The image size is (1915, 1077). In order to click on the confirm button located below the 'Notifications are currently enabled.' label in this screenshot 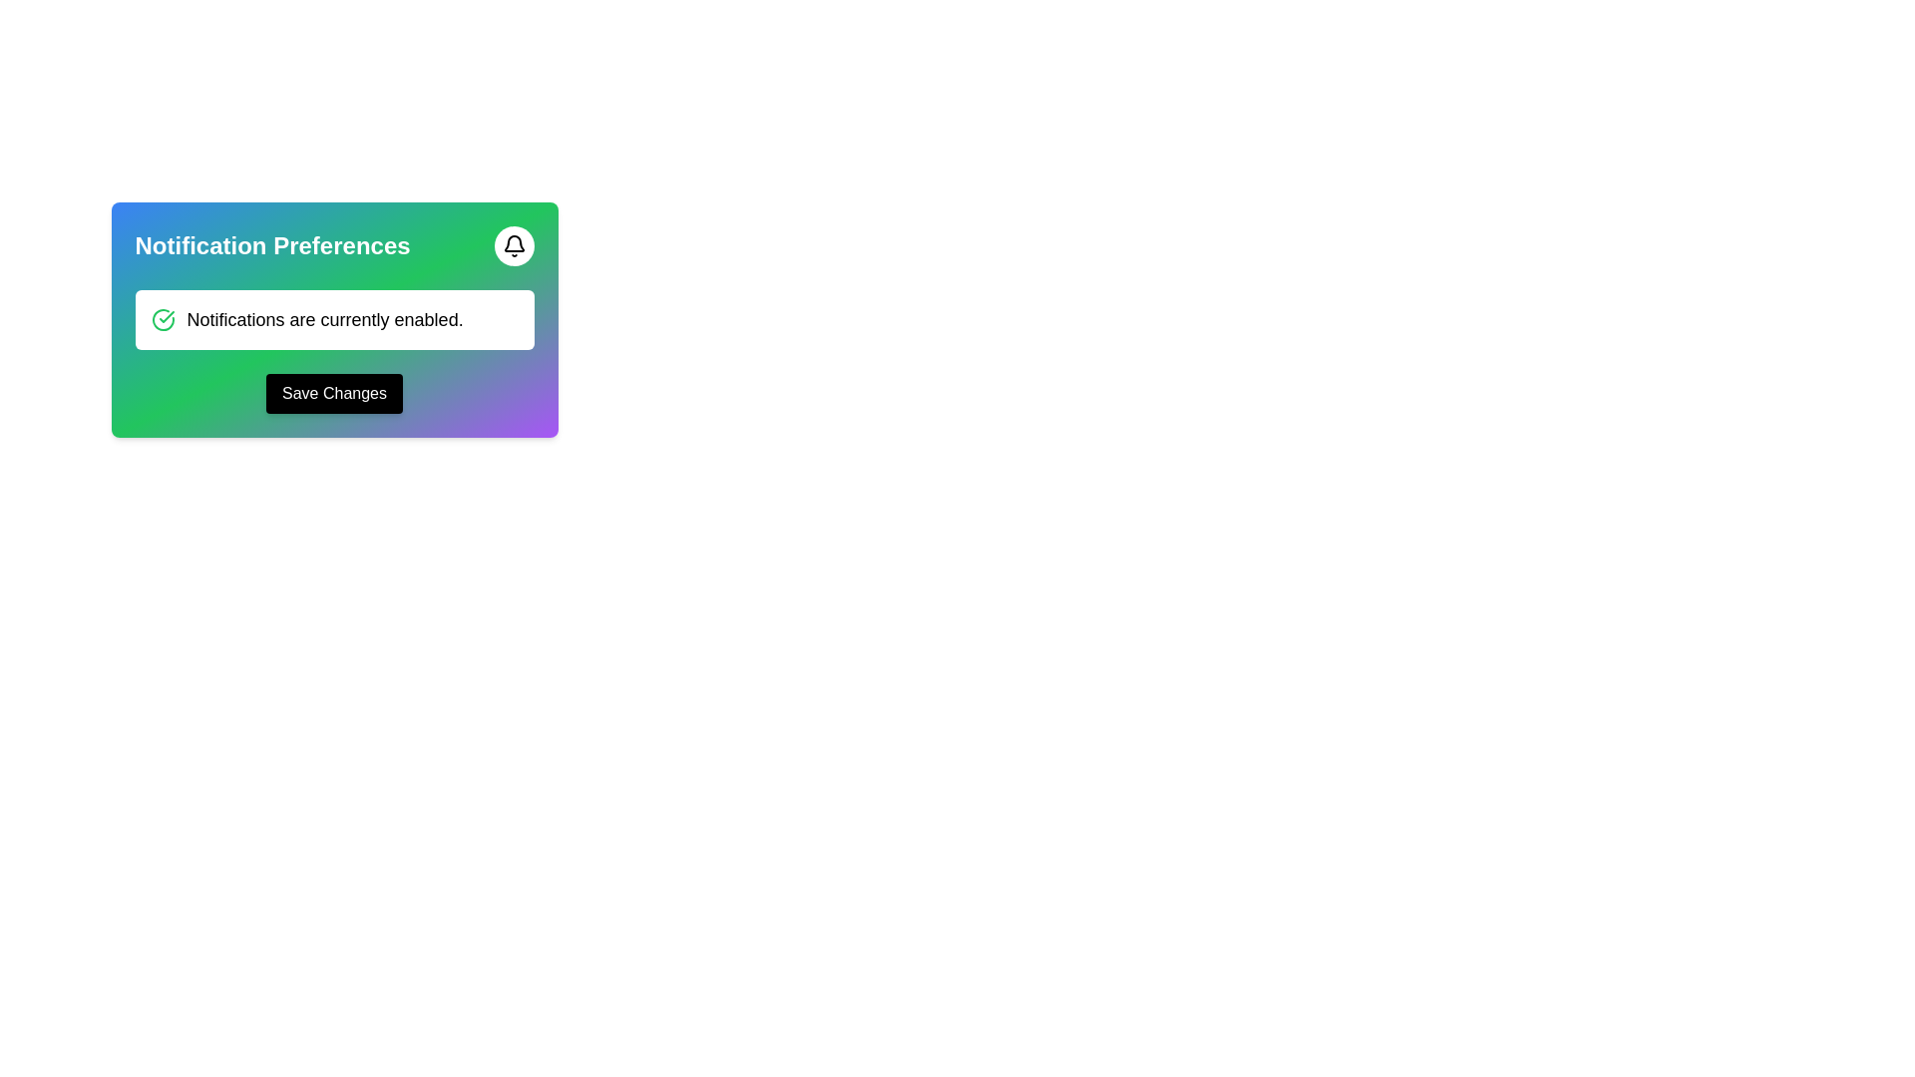, I will do `click(334, 393)`.